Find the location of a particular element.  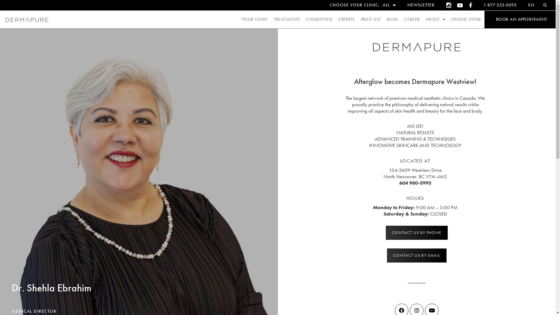

'CONTACT US BY PHONE' is located at coordinates (386, 232).